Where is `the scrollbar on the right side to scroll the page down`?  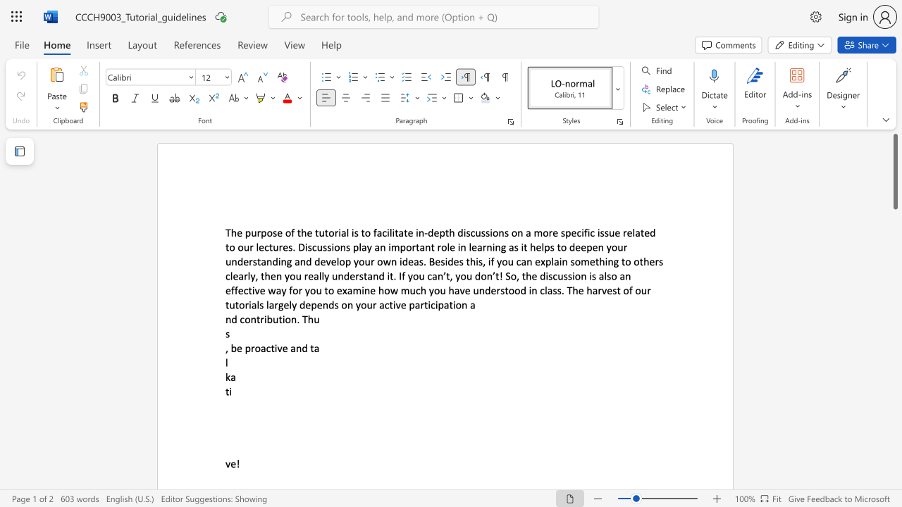 the scrollbar on the right side to scroll the page down is located at coordinates (894, 408).